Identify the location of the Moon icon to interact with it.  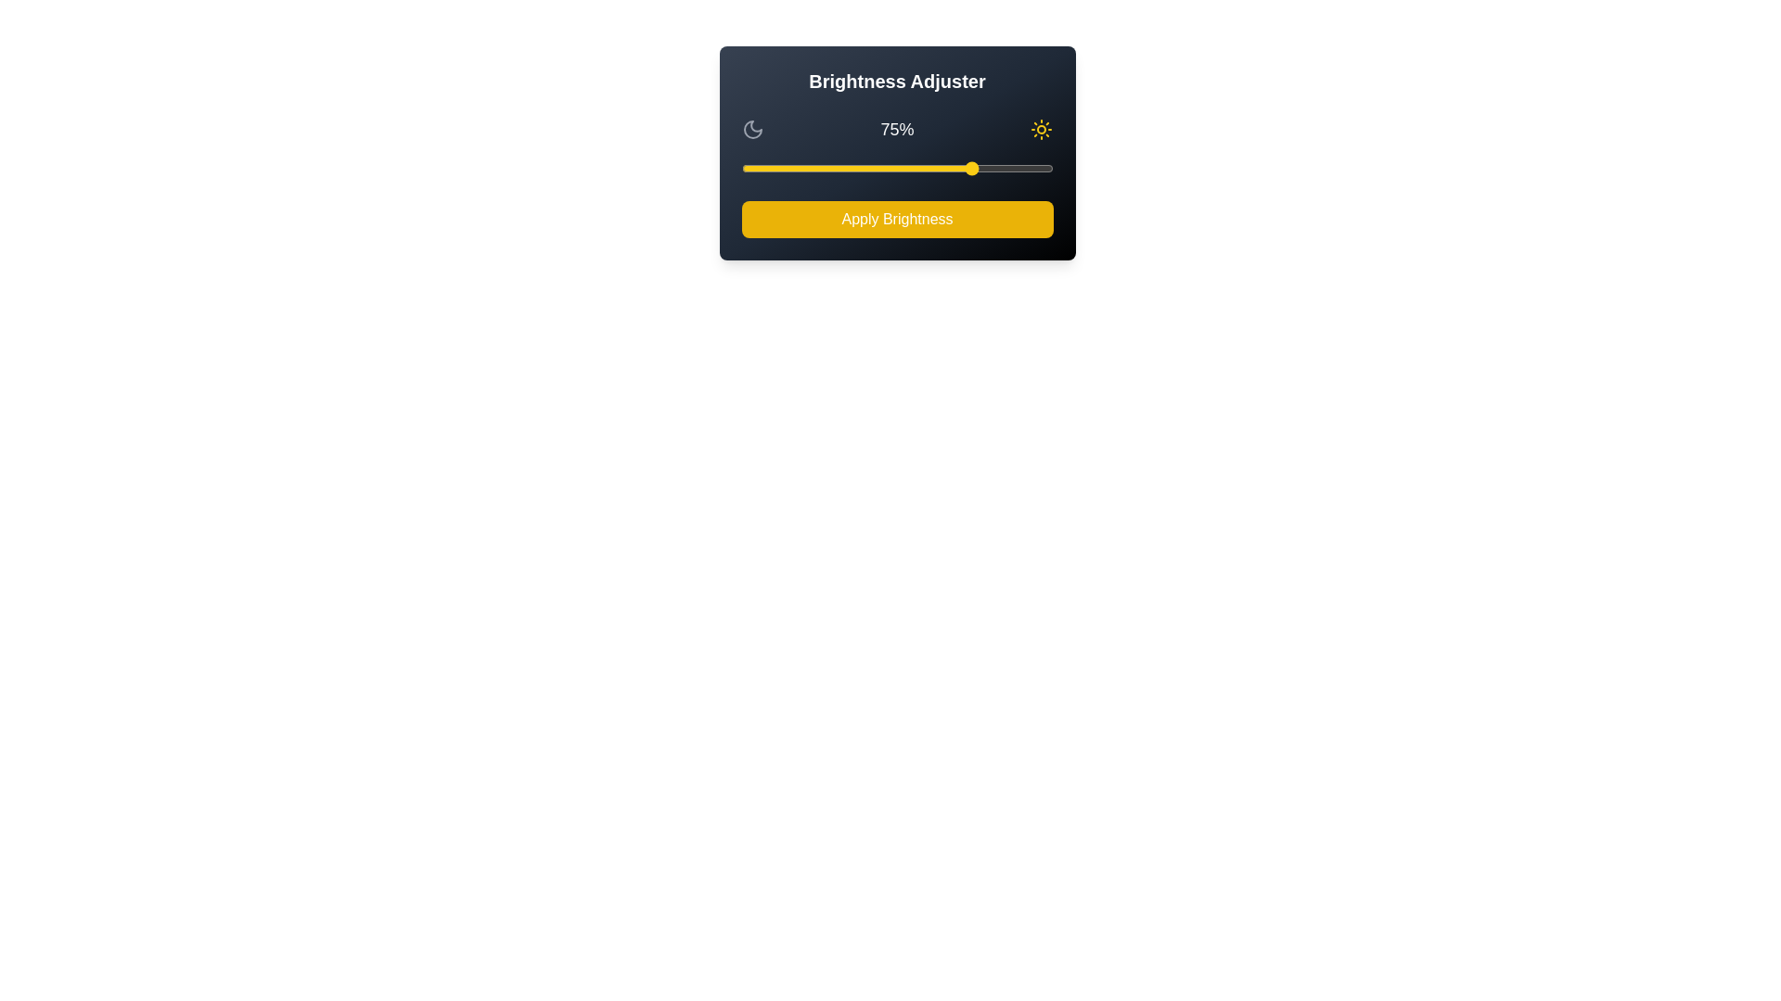
(752, 128).